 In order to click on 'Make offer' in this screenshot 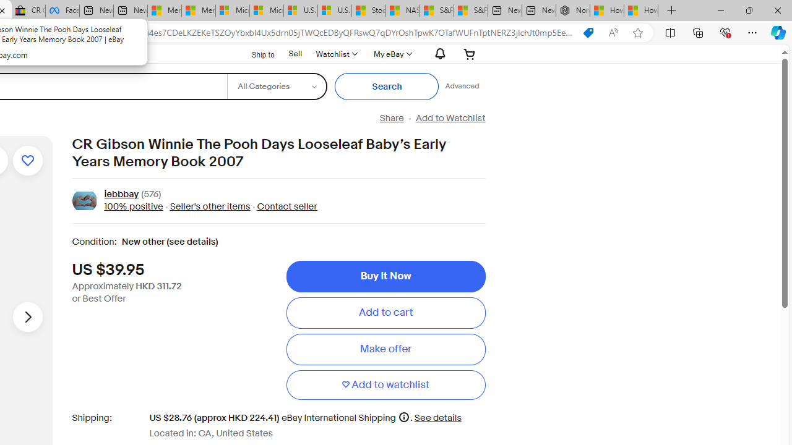, I will do `click(385, 349)`.